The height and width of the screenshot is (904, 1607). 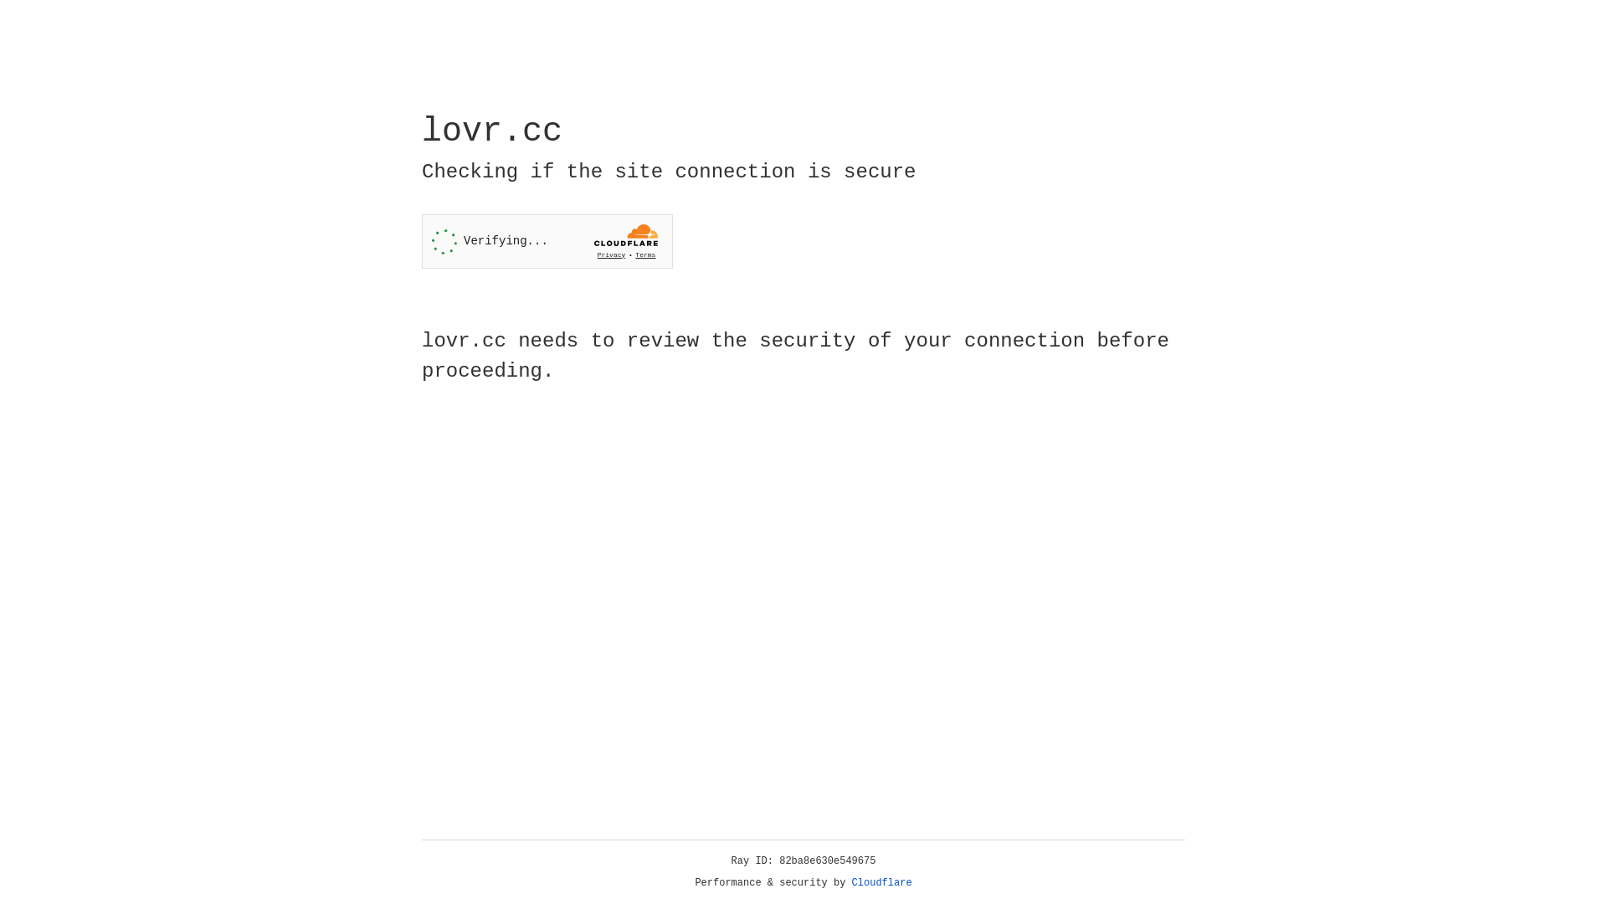 I want to click on 'Cloudflare', so click(x=881, y=882).